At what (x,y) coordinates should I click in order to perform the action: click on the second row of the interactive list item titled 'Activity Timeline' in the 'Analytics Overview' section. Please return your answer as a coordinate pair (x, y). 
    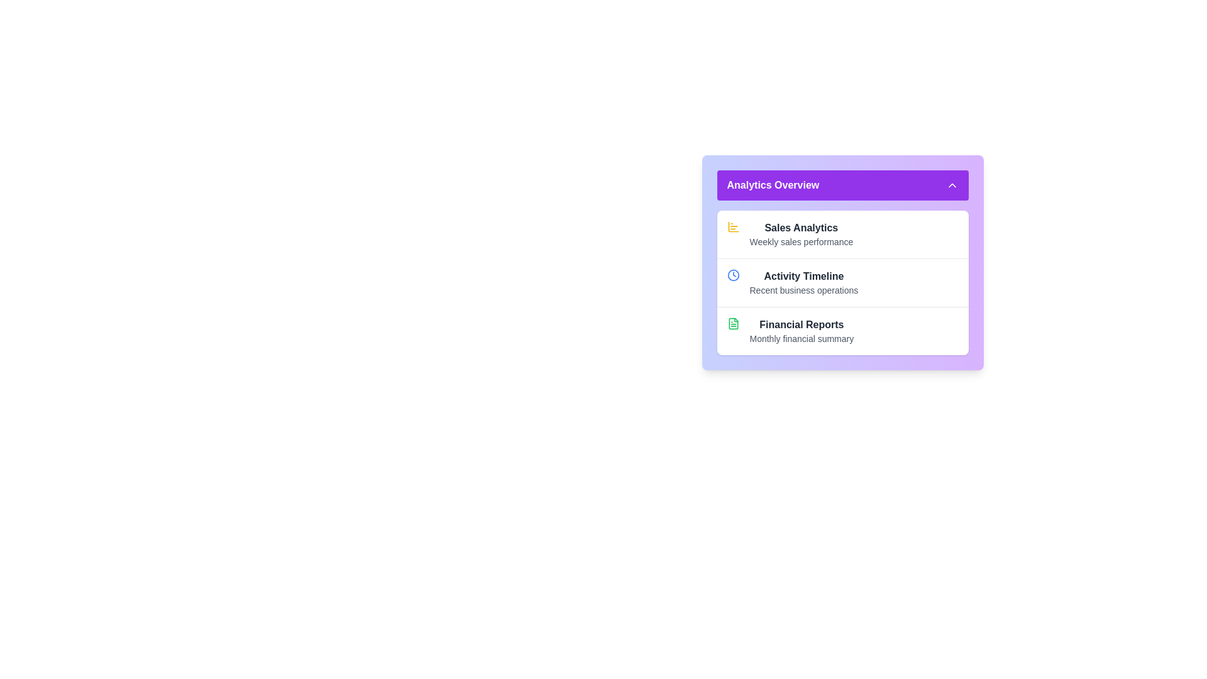
    Looking at the image, I should click on (842, 262).